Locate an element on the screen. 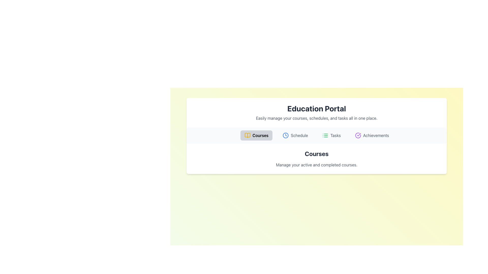 Image resolution: width=488 pixels, height=274 pixels. the 'Courses' button is located at coordinates (256, 135).